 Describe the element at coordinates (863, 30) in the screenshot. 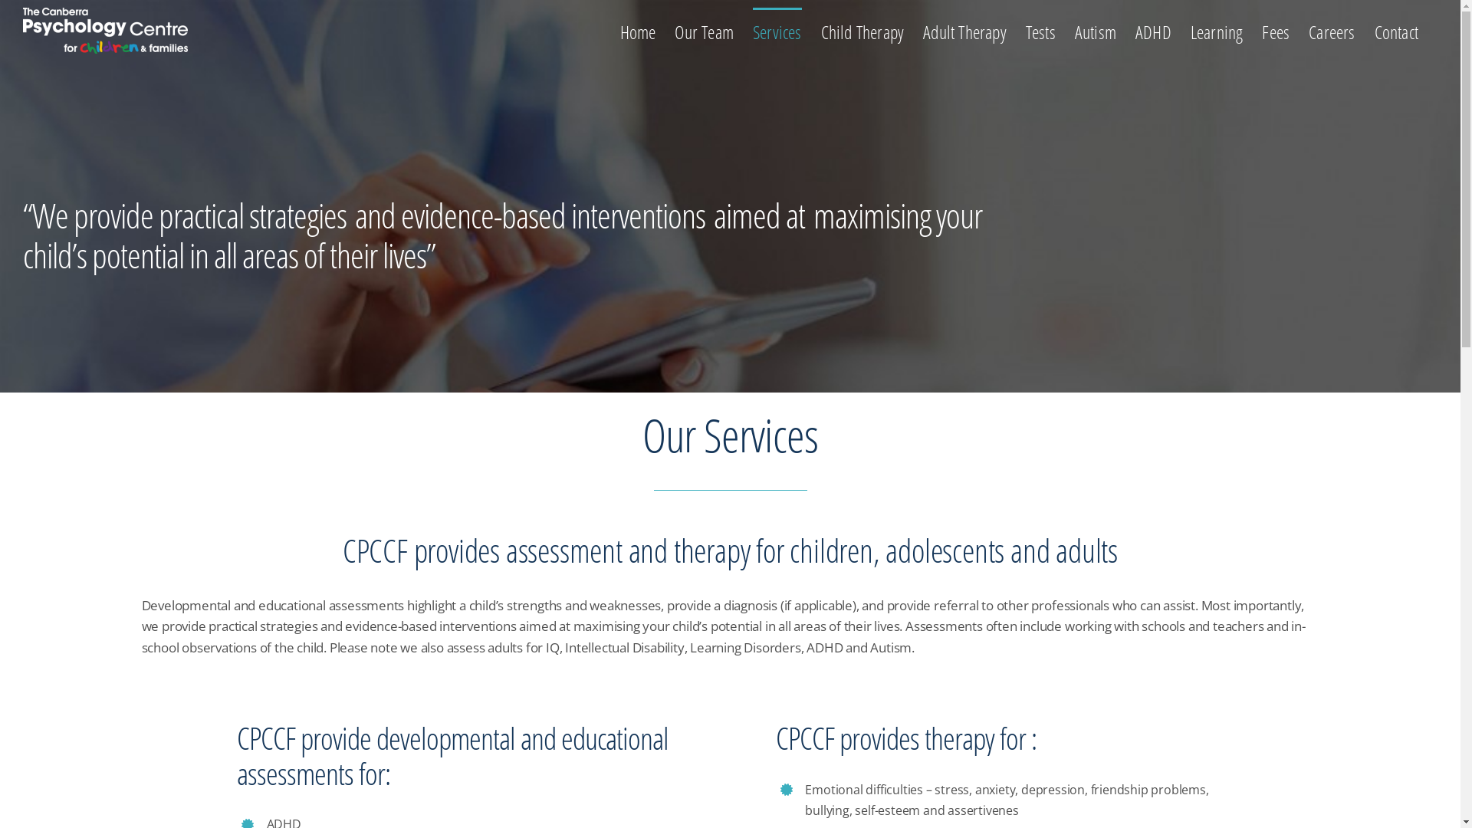

I see `'Child Therapy'` at that location.